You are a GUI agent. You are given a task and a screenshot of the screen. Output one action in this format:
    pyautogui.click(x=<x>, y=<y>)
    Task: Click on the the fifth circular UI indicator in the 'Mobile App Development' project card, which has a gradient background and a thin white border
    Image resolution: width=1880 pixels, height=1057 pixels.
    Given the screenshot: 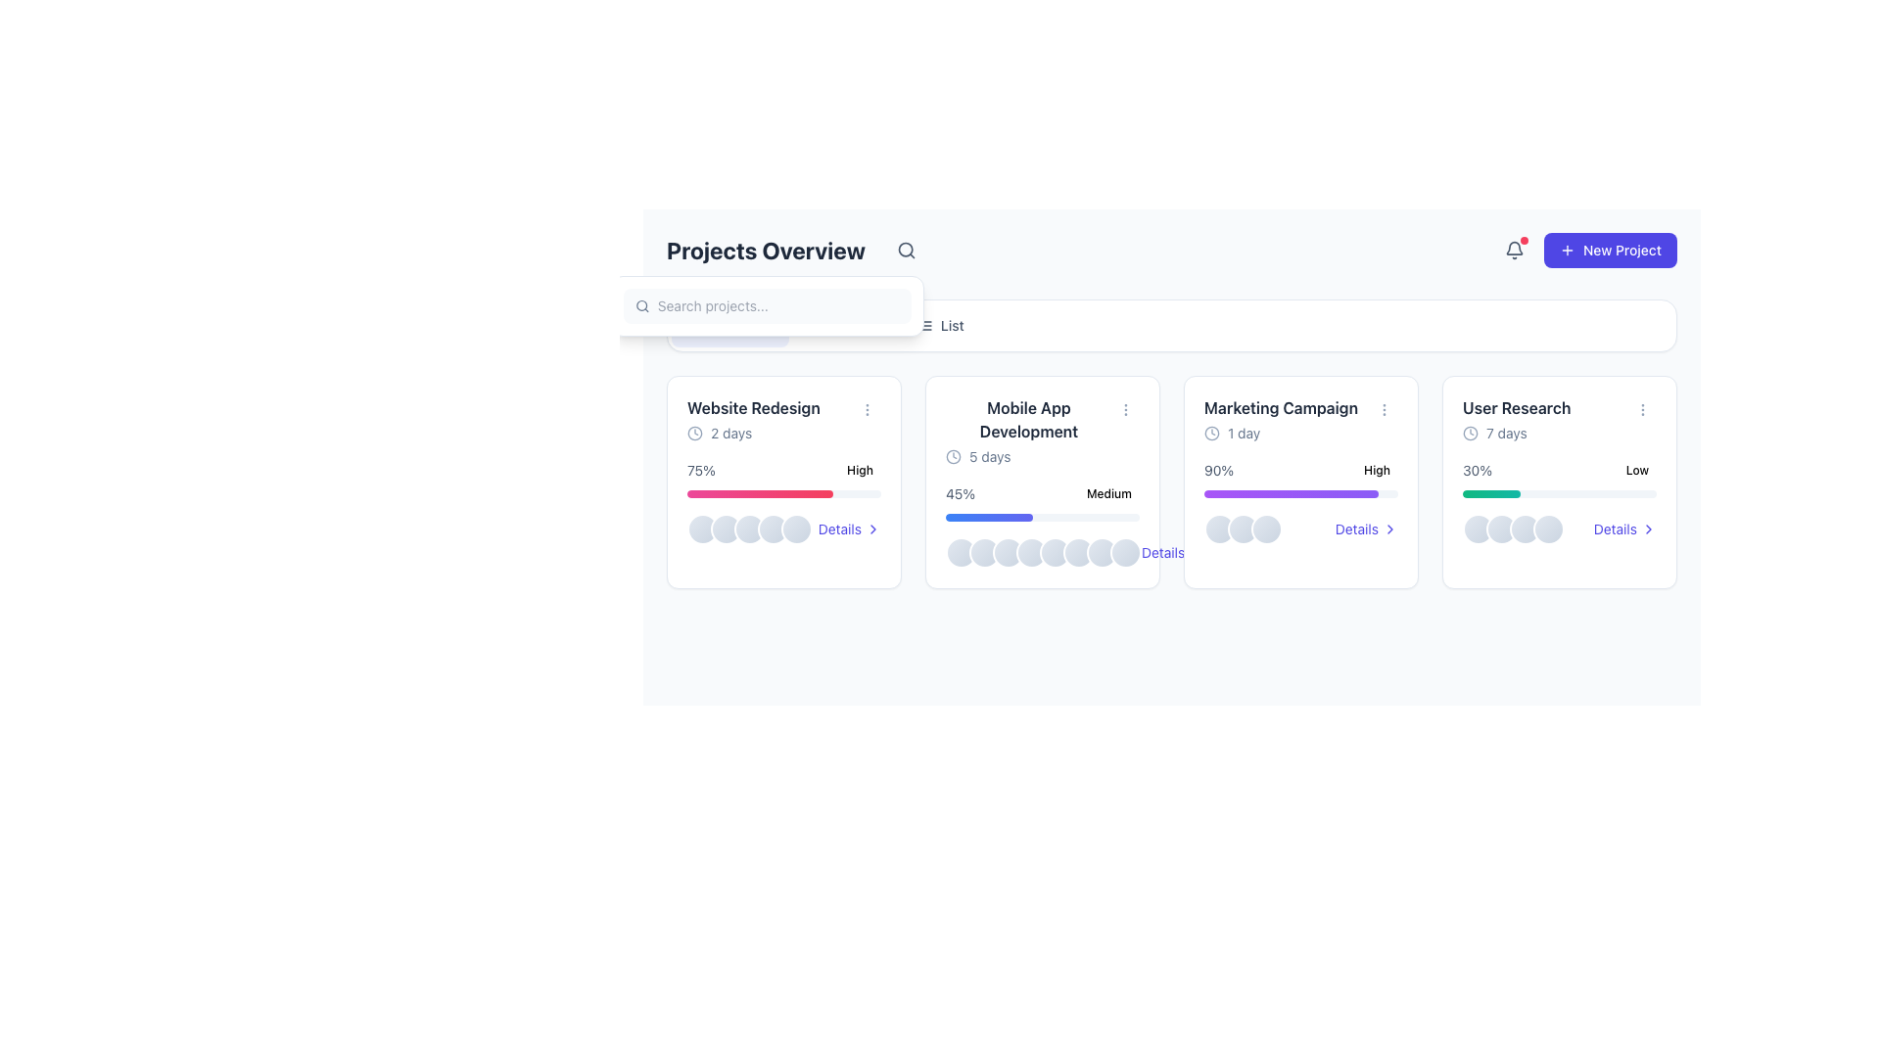 What is the action you would take?
    pyautogui.click(x=1055, y=552)
    